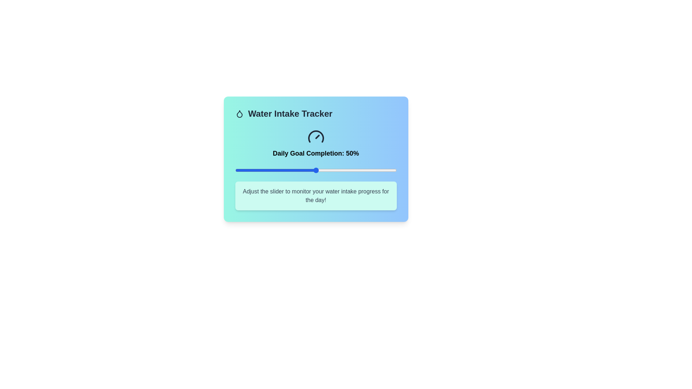 This screenshot has height=389, width=692. What do you see at coordinates (363, 170) in the screenshot?
I see `the slider to set the goal completion percentage to 79` at bounding box center [363, 170].